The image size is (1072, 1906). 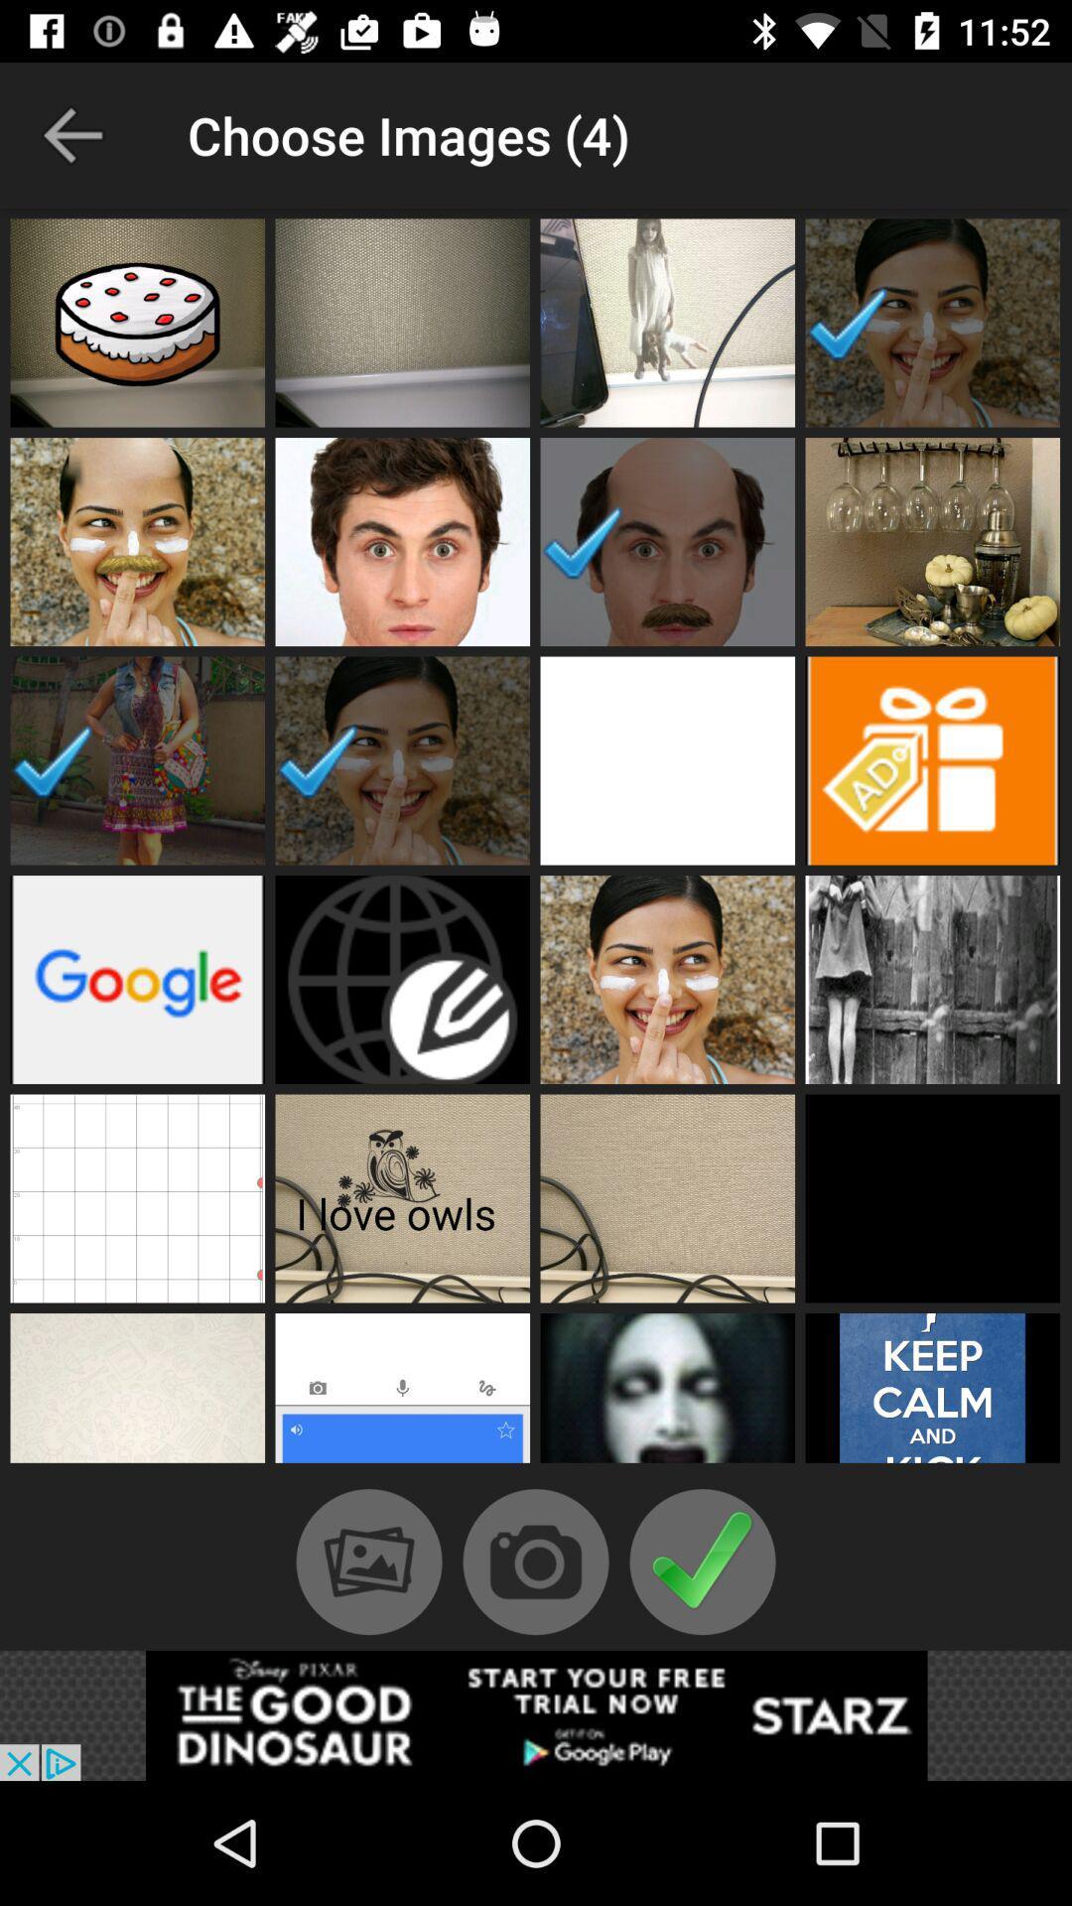 I want to click on choose image, so click(x=402, y=1392).